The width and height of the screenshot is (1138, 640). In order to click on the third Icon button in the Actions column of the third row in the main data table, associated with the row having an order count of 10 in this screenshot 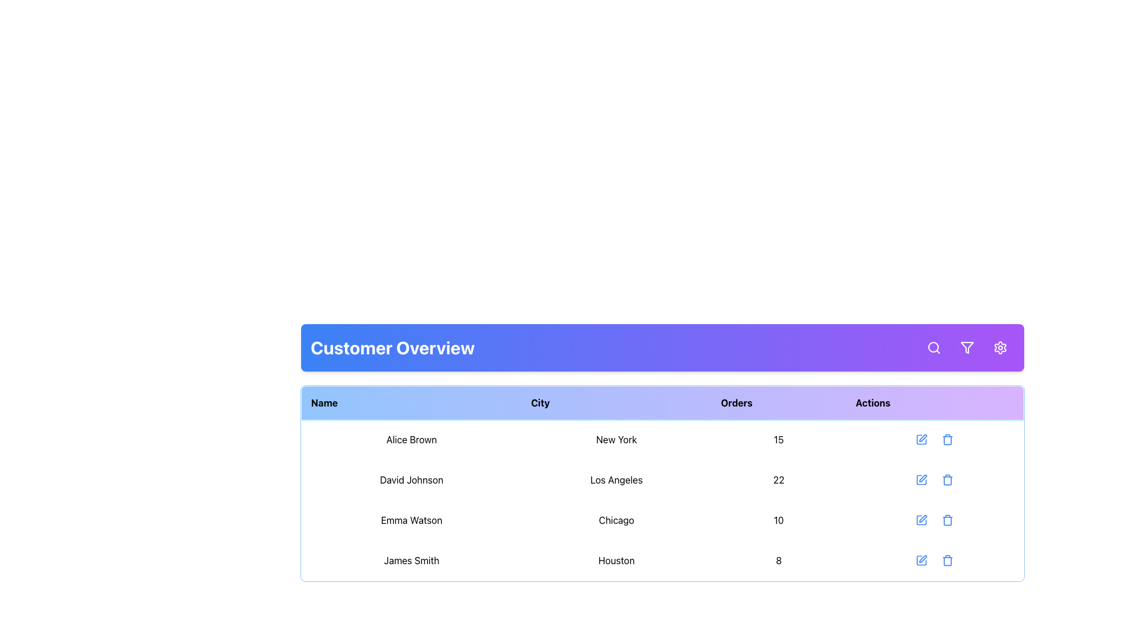, I will do `click(947, 520)`.